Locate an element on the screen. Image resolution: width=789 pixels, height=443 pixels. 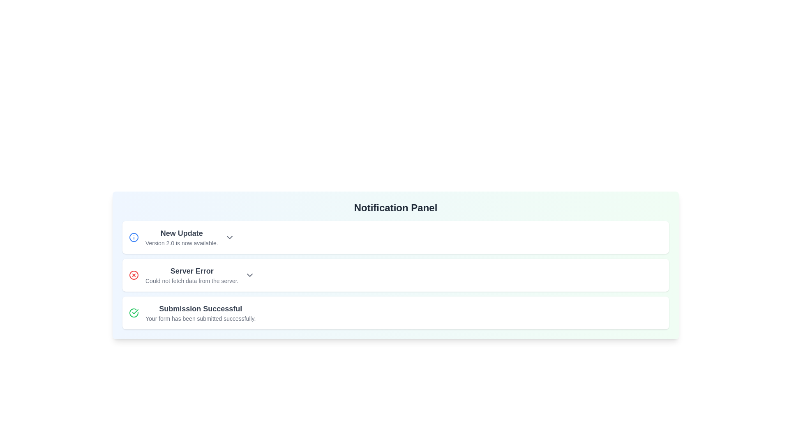
the 'Server Error' text label, which is prominently displayed in bold dark gray within the second card of the notifications list is located at coordinates (191, 271).